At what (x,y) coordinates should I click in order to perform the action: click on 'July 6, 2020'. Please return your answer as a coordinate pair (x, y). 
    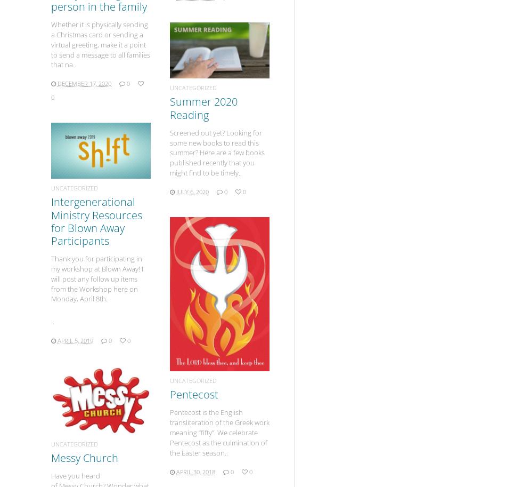
    Looking at the image, I should click on (192, 191).